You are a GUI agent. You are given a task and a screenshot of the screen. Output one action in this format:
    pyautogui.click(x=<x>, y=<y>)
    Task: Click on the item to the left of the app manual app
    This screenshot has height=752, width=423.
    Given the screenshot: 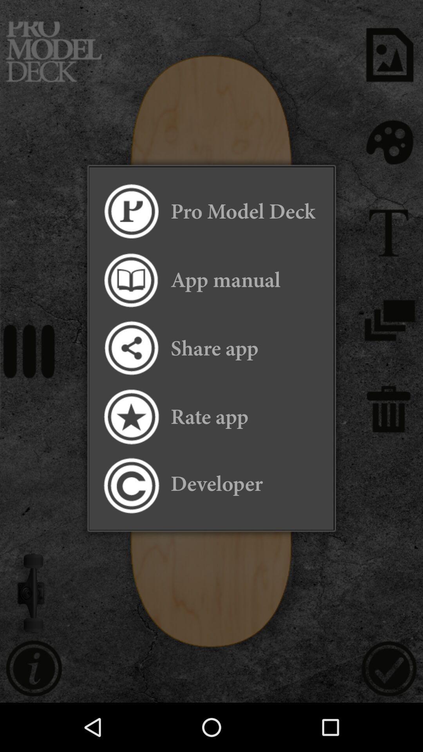 What is the action you would take?
    pyautogui.click(x=130, y=280)
    